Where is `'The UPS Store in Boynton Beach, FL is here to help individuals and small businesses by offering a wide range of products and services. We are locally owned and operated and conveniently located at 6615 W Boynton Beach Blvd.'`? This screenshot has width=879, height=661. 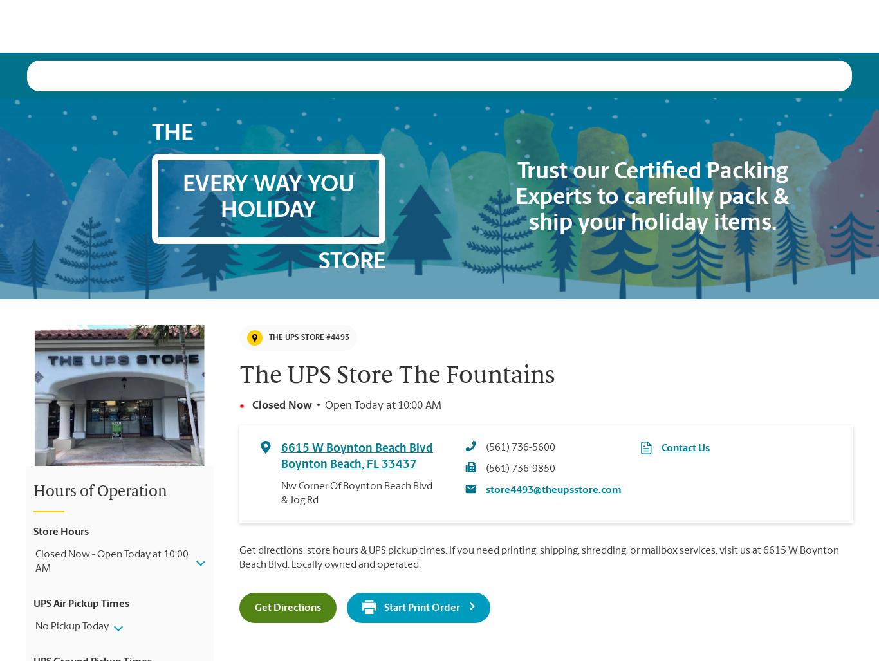 'The UPS Store in Boynton Beach, FL is here to help individuals and small businesses by offering a wide range of products and services. We are locally owned and operated and conveniently located at 6615 W Boynton Beach Blvd.' is located at coordinates (263, 619).